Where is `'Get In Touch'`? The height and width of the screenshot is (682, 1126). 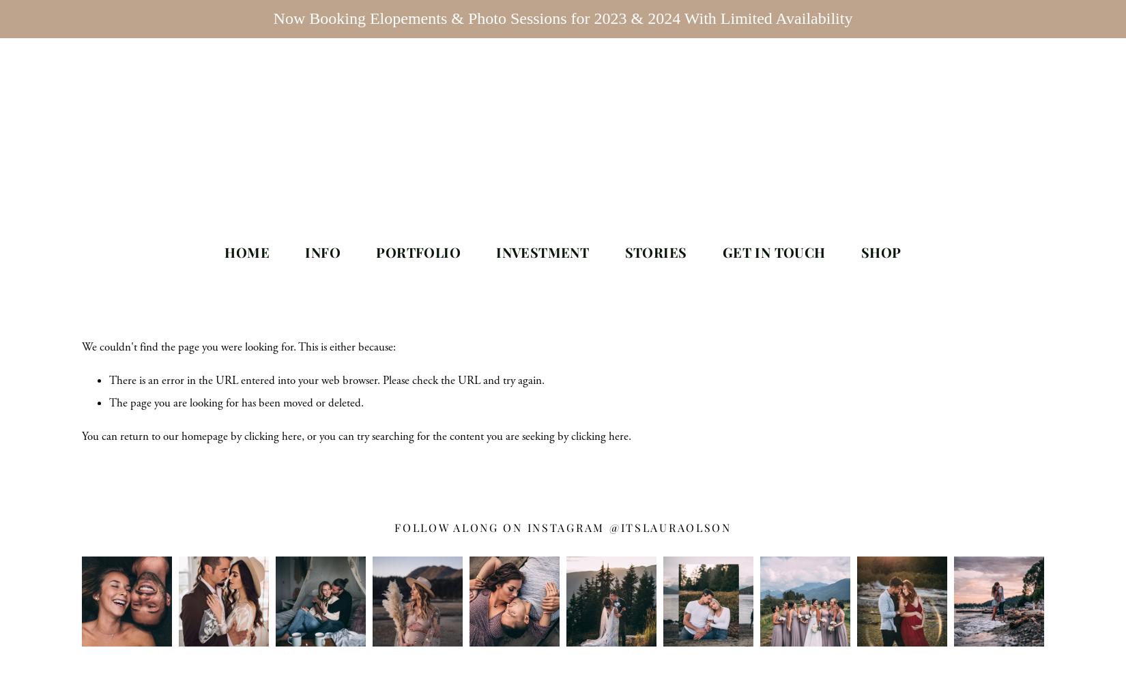 'Get In Touch' is located at coordinates (721, 251).